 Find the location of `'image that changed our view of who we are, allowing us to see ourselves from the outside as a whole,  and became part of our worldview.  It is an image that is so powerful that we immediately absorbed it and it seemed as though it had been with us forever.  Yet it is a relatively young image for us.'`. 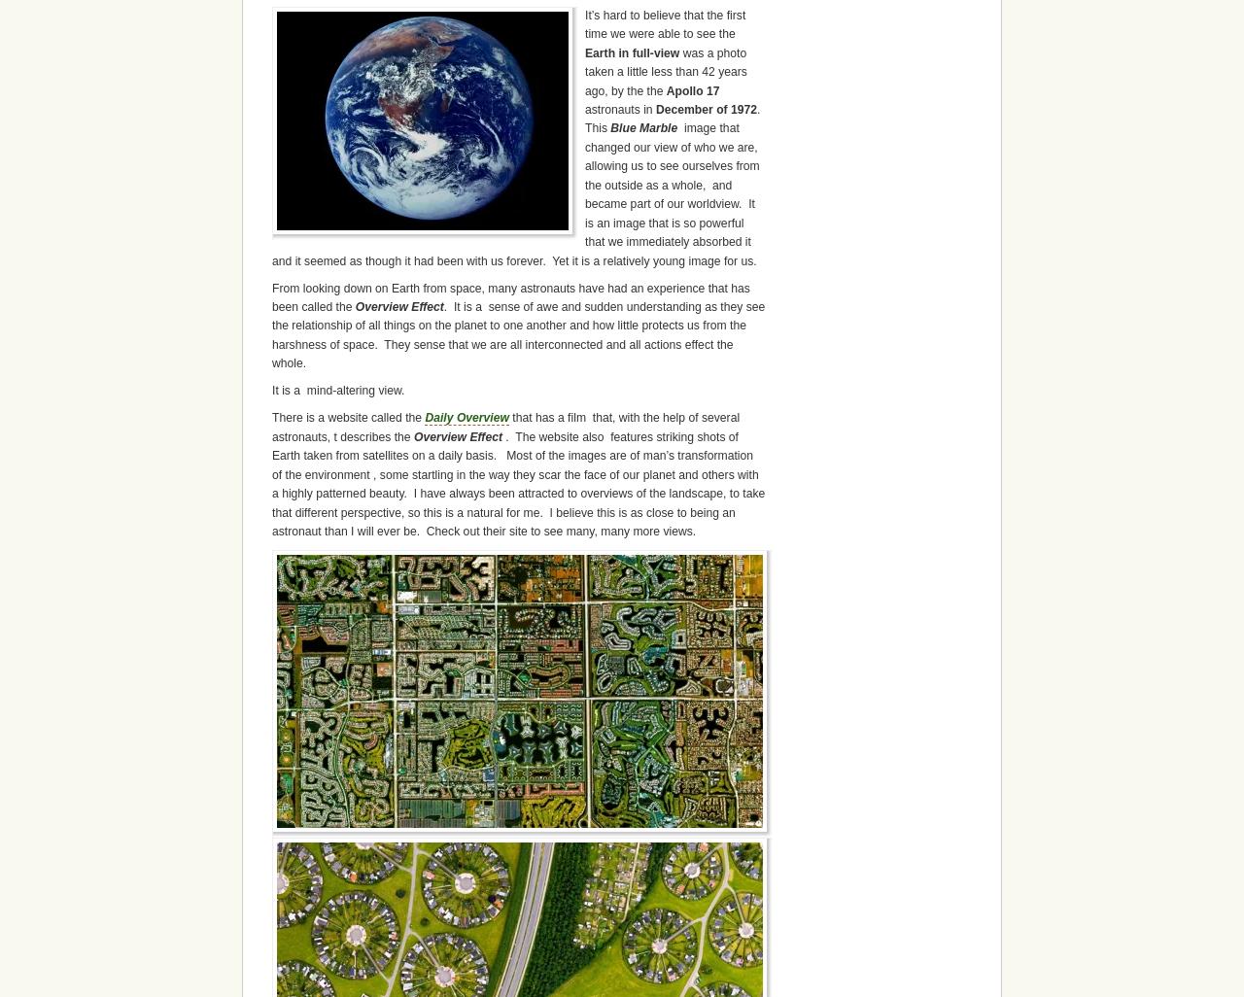

'image that changed our view of who we are, allowing us to see ourselves from the outside as a whole,  and became part of our worldview.  It is an image that is so powerful that we immediately absorbed it and it seemed as though it had been with us forever.  Yet it is a relatively young image for us.' is located at coordinates (515, 192).